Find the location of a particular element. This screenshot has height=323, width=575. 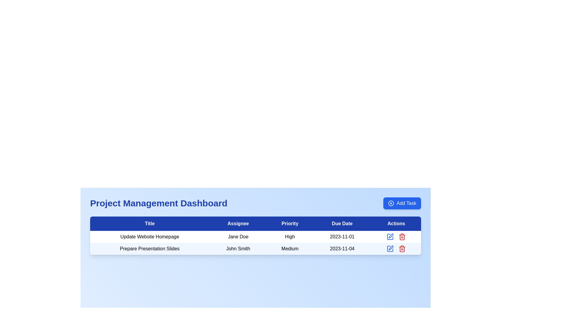

the blue editing pencil icon in the 'Actions' column for the 'Prepare Presentation Slides' task to initiate editing is located at coordinates (396, 249).